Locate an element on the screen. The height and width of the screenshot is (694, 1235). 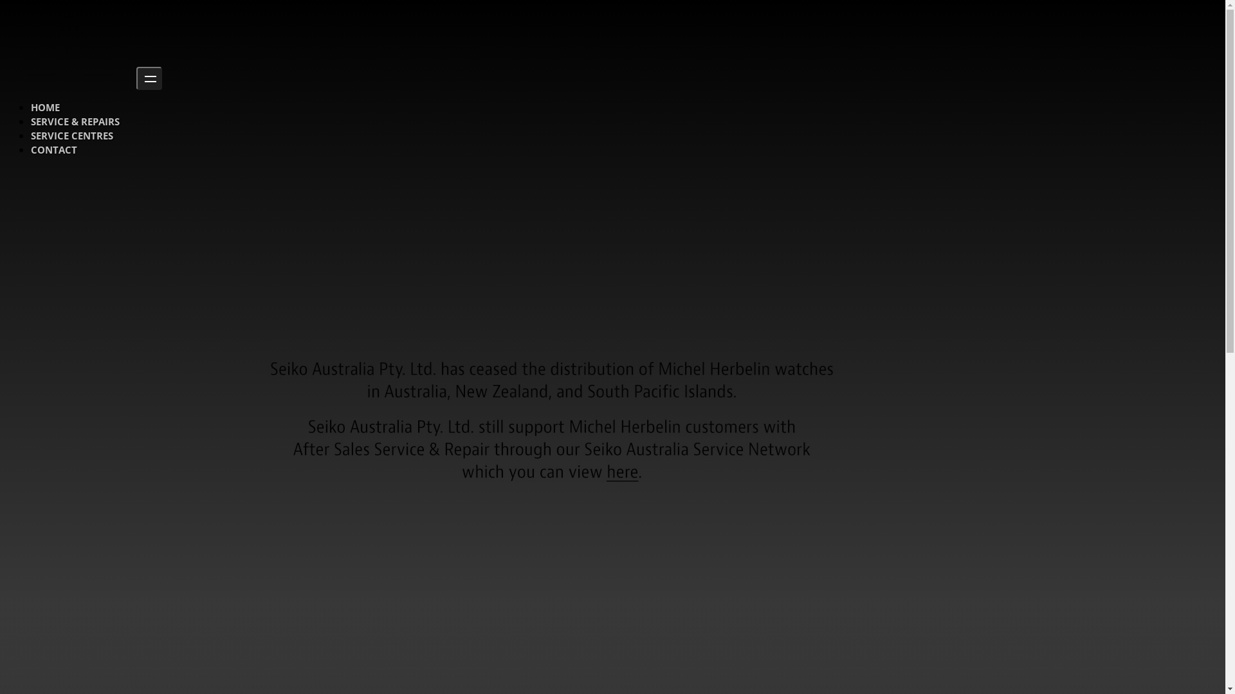
'HOME' is located at coordinates (45, 106).